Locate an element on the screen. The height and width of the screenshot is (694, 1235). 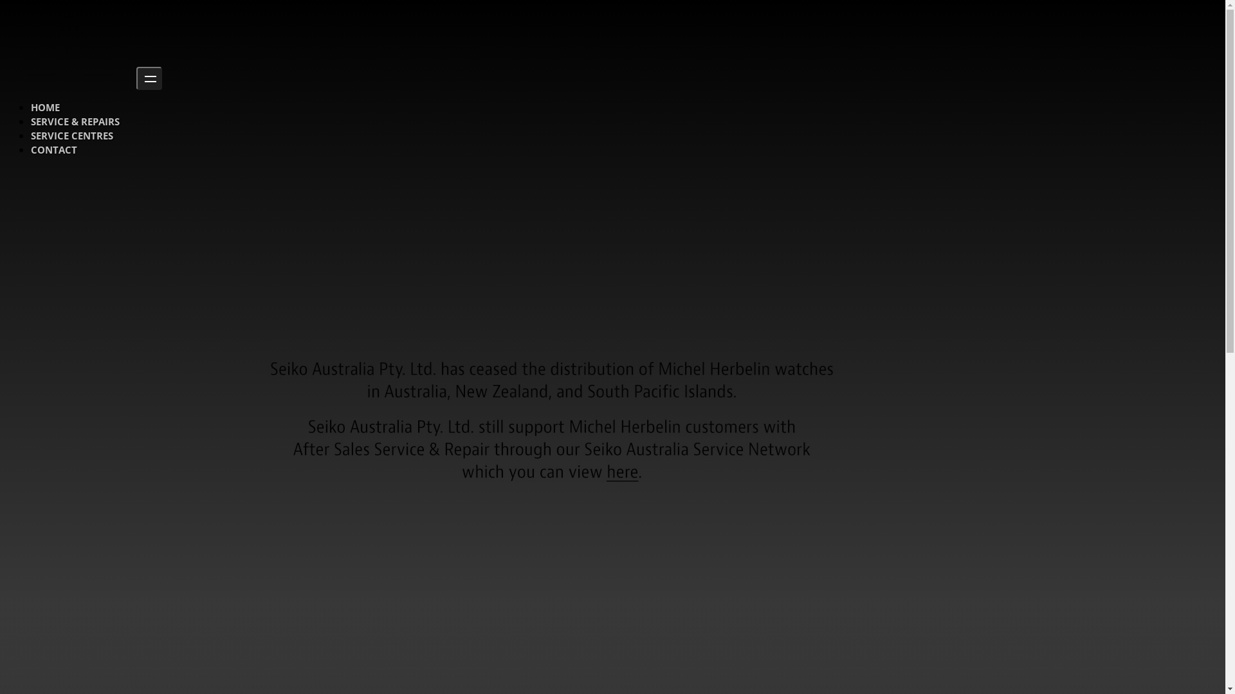
'HOME' is located at coordinates (45, 106).